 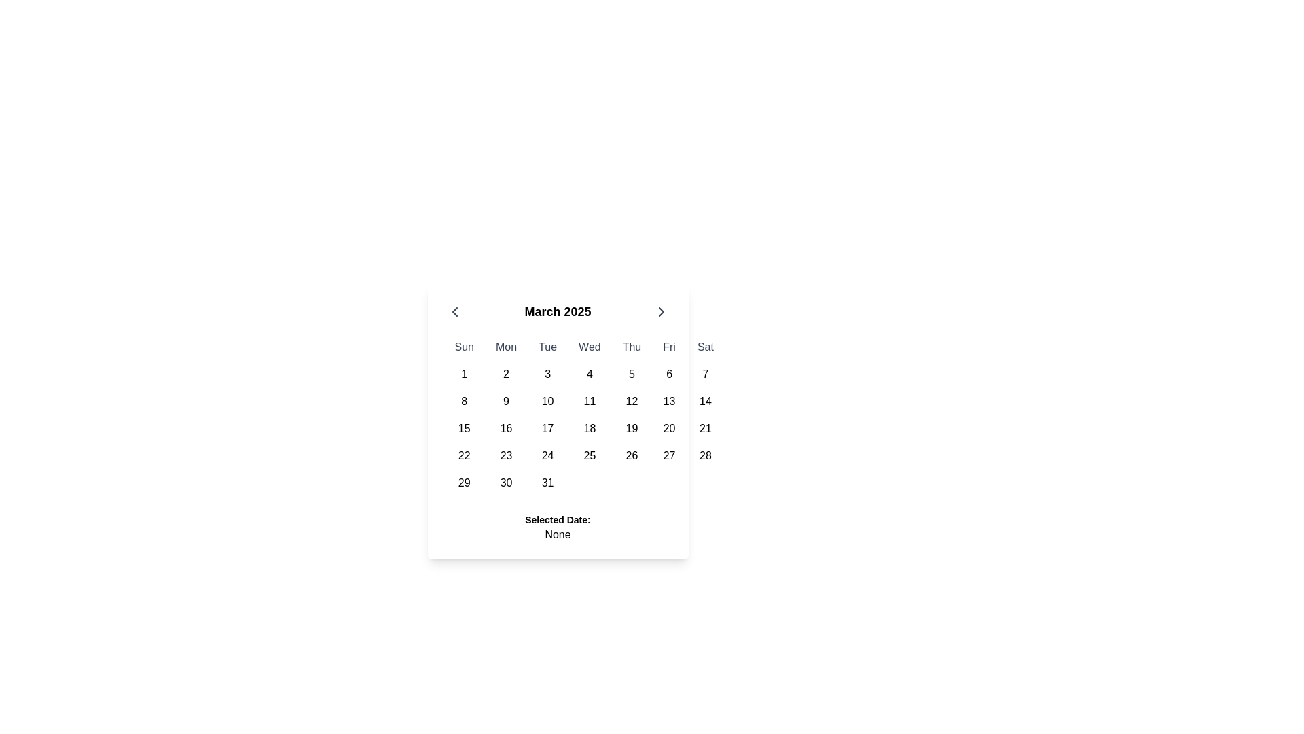 What do you see at coordinates (505, 374) in the screenshot?
I see `the clickable date label with the text '2' in the calendar grid` at bounding box center [505, 374].